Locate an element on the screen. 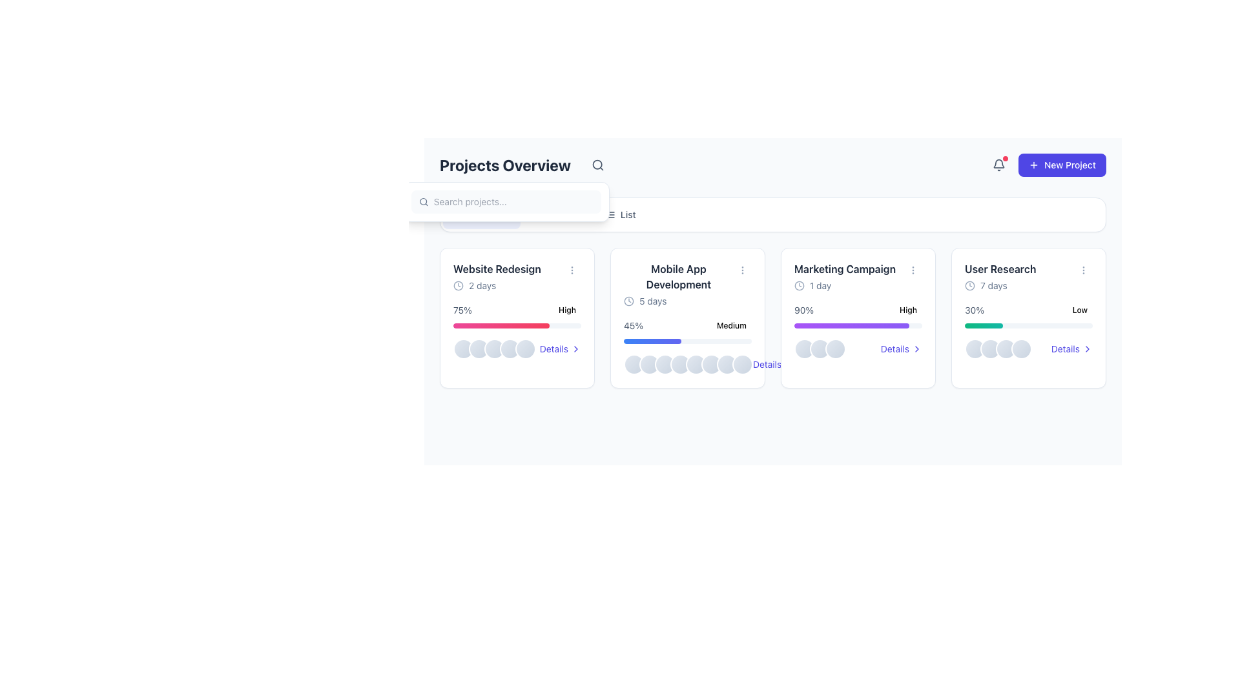 This screenshot has height=697, width=1240. the Progress indicator element, which is a compact, horizontally long rectangle with rounded ends and a gradient from blue to indigo, located within the progress bar of the 'Mobile App Development' card is located at coordinates (652, 340).